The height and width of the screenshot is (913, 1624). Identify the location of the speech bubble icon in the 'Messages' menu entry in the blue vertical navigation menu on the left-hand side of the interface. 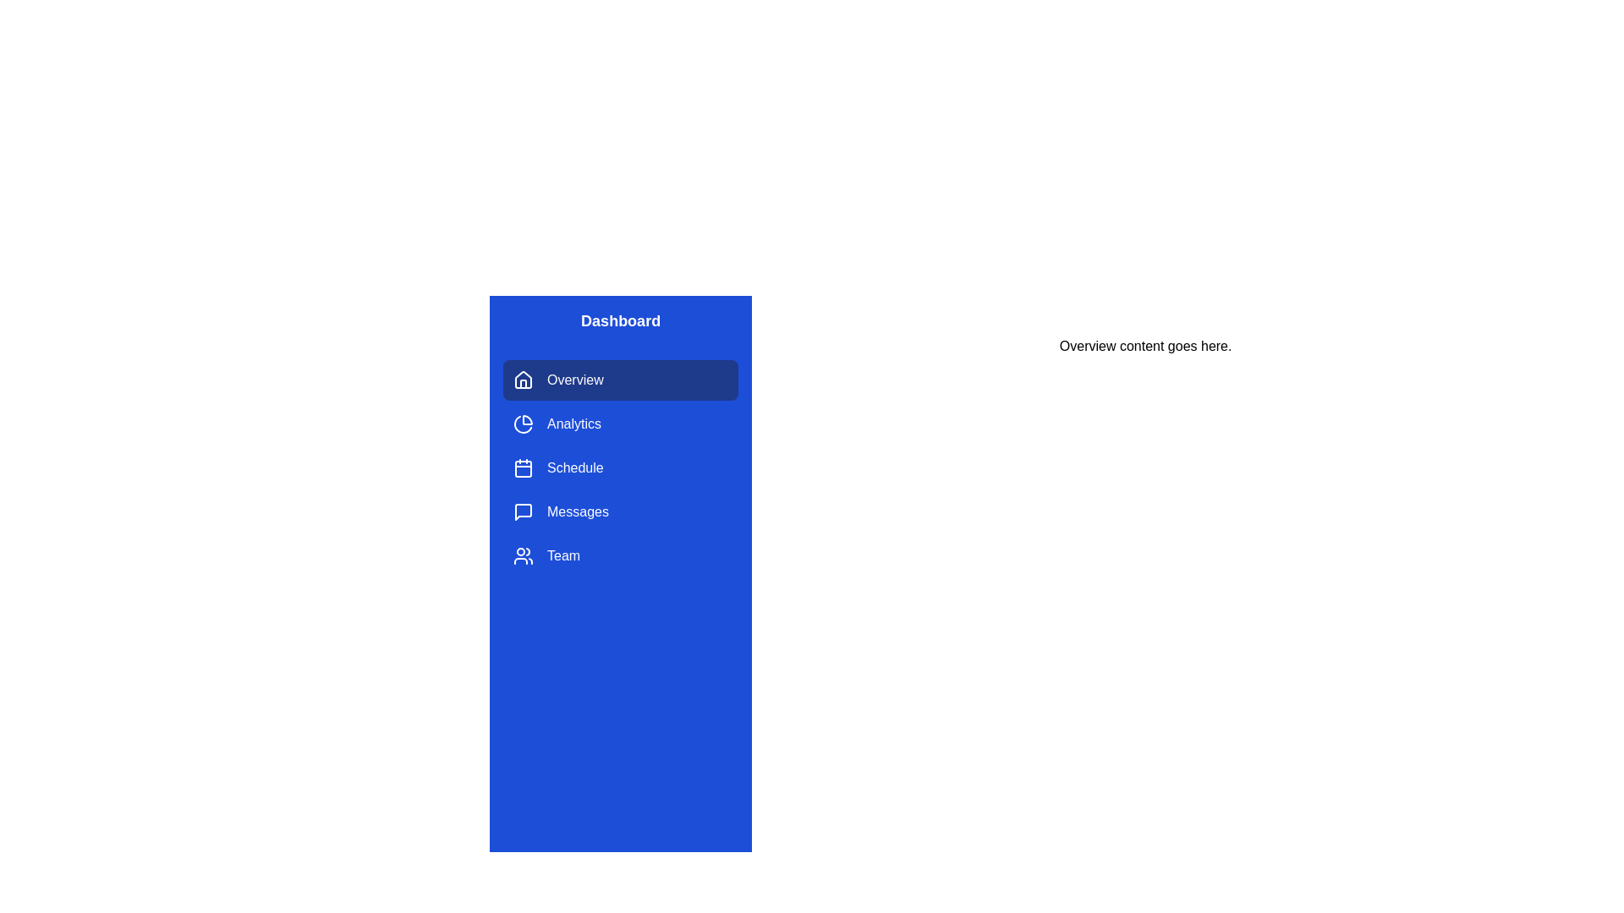
(523, 511).